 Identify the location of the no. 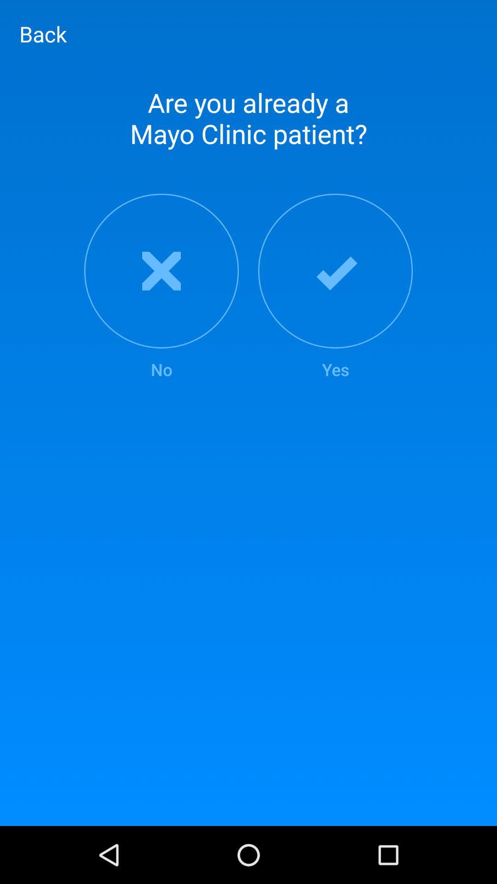
(161, 287).